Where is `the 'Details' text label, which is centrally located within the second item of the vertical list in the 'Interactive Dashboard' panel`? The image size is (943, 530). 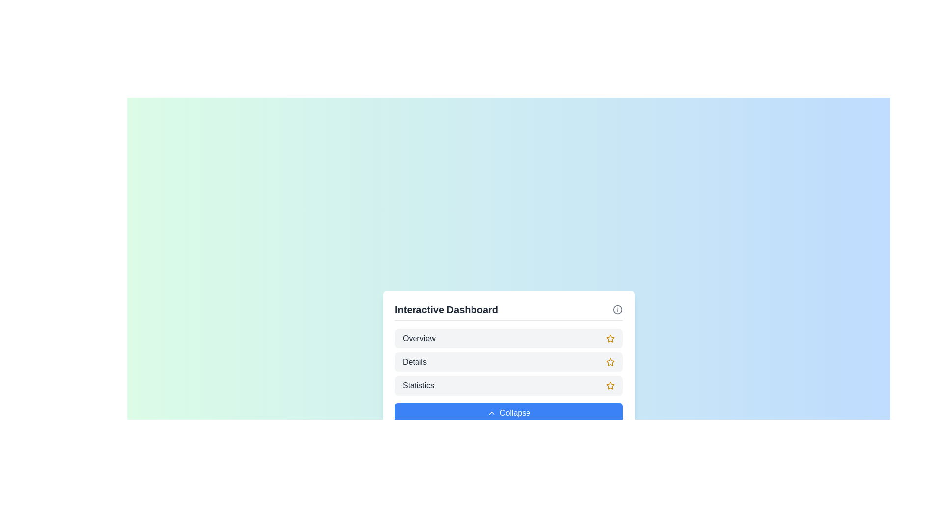
the 'Details' text label, which is centrally located within the second item of the vertical list in the 'Interactive Dashboard' panel is located at coordinates (415, 362).